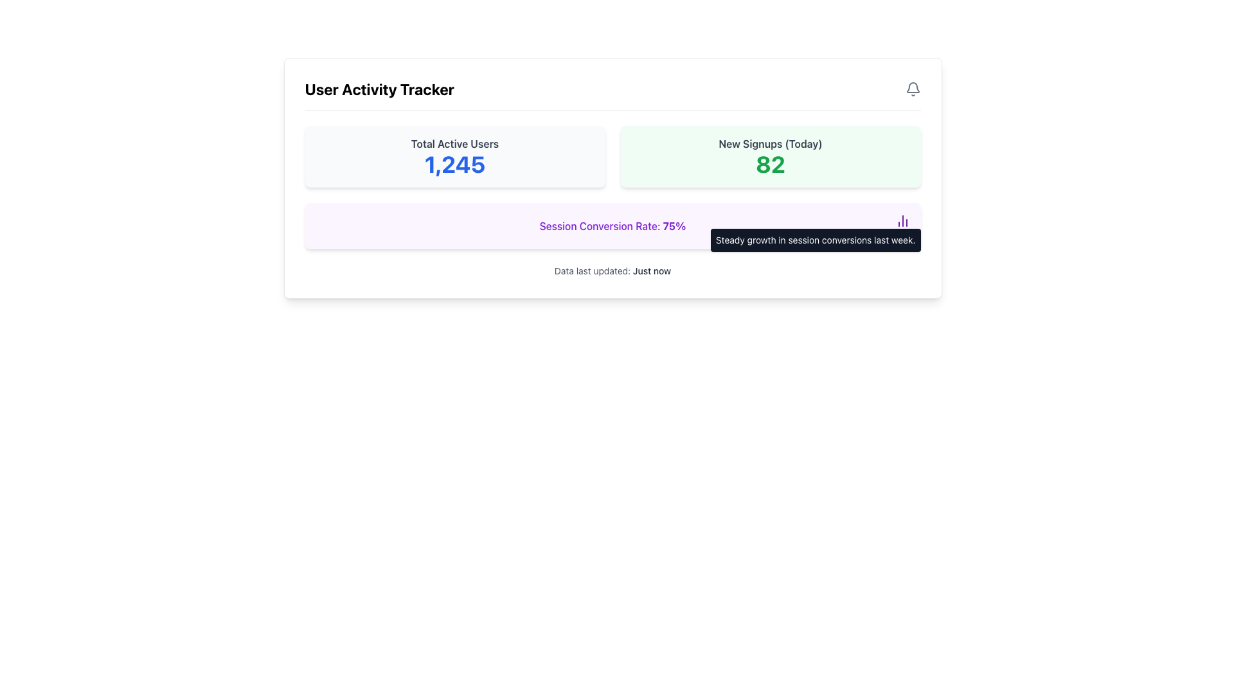 The width and height of the screenshot is (1234, 694). Describe the element at coordinates (771, 163) in the screenshot. I see `the text label displaying the number of new signups for the current day, which is located in the top-right part of the interface, below the 'New Signups (Today)' text` at that location.